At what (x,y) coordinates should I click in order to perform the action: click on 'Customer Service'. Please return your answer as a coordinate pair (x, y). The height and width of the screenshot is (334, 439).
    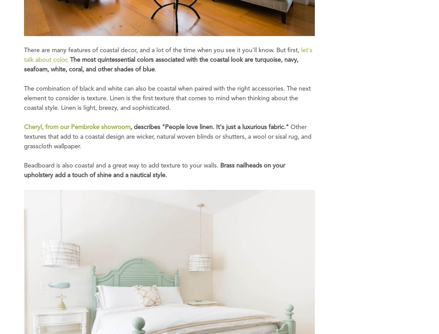
    Looking at the image, I should click on (146, 39).